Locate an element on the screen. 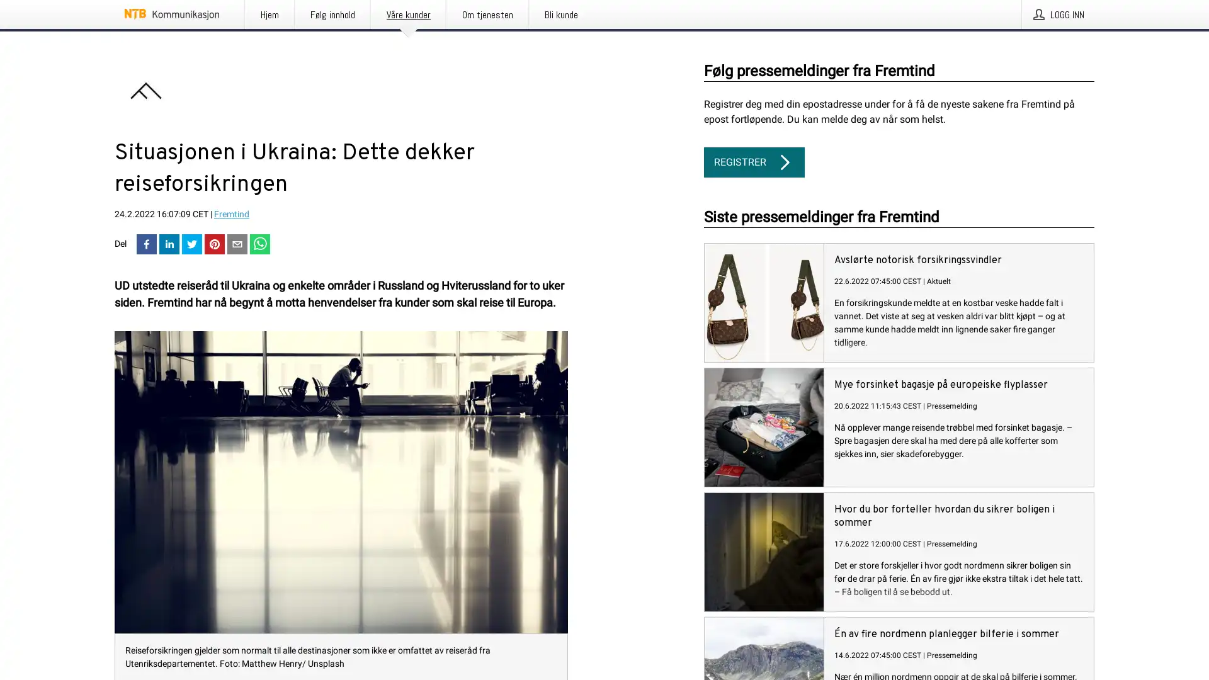  facebook is located at coordinates (147, 245).